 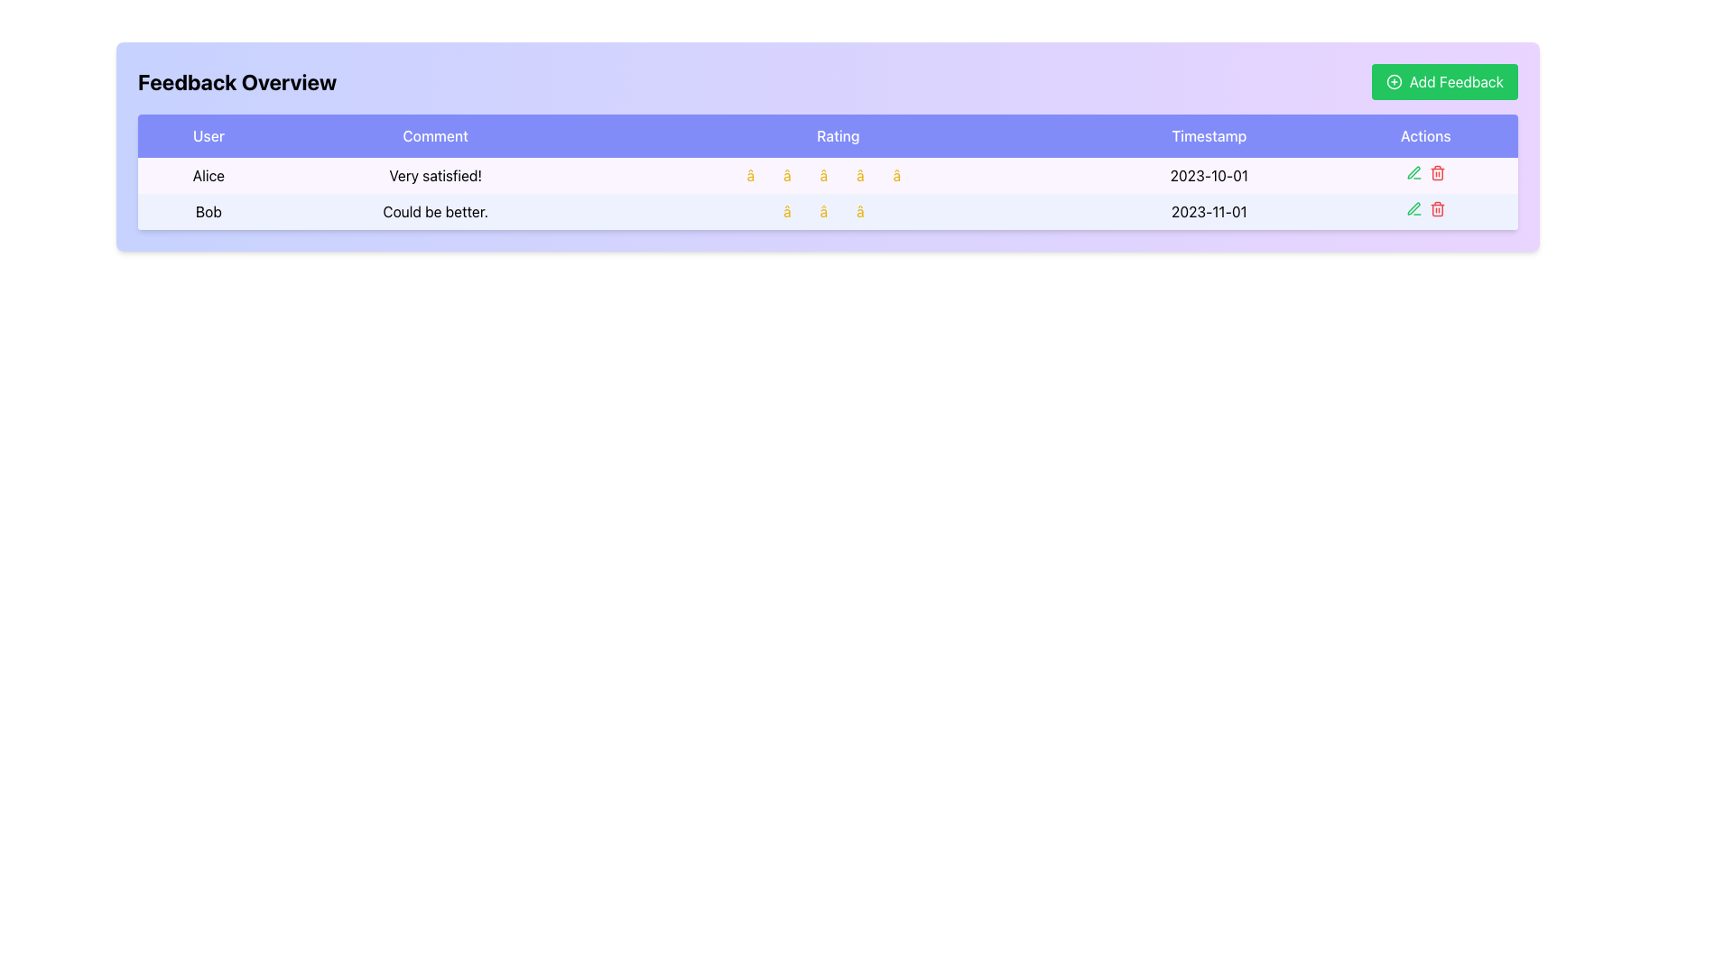 I want to click on the 'Add Feedback' button located in the top-right corner of the interface, which contains the Icon element (circle) as part of its graphic icon with a plus sign, so click(x=1393, y=82).